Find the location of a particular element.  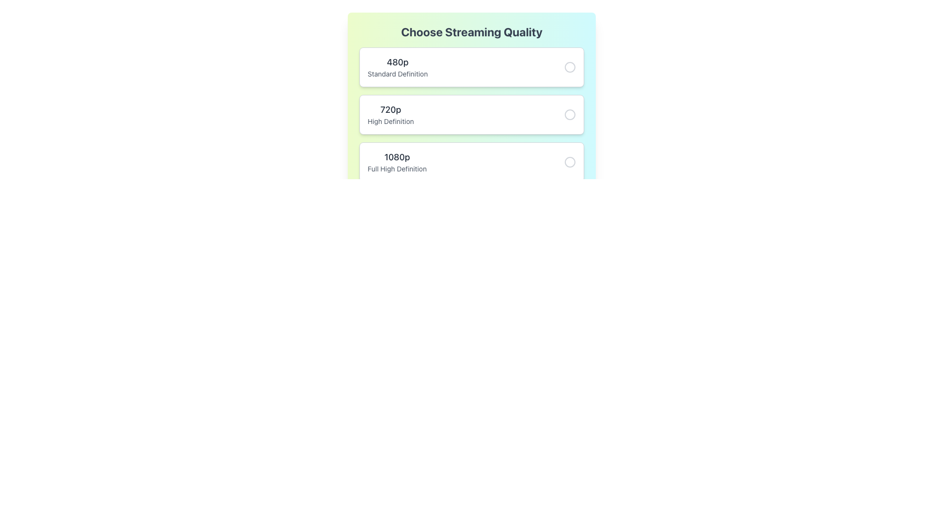

descriptive label indicating that the '720p' option corresponds to high-definition quality, which is centrally aligned below the '720p' label in the streaming quality options is located at coordinates (390, 121).